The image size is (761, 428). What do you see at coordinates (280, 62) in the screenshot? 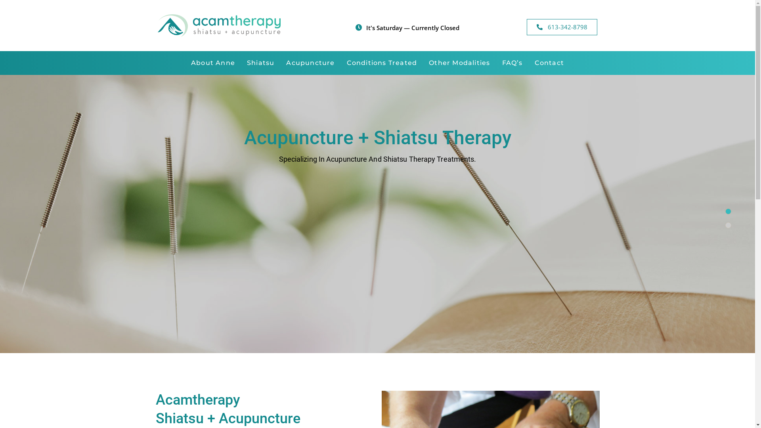
I see `'Acupuncture'` at bounding box center [280, 62].